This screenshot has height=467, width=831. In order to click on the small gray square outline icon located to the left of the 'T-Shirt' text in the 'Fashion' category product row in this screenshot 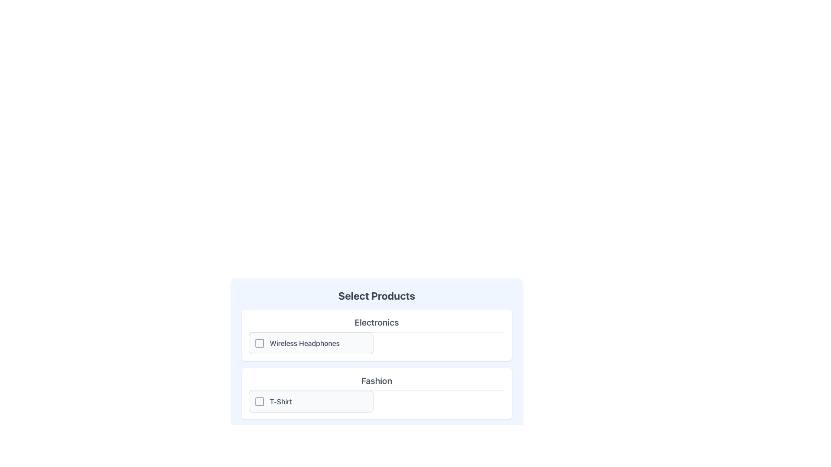, I will do `click(259, 402)`.